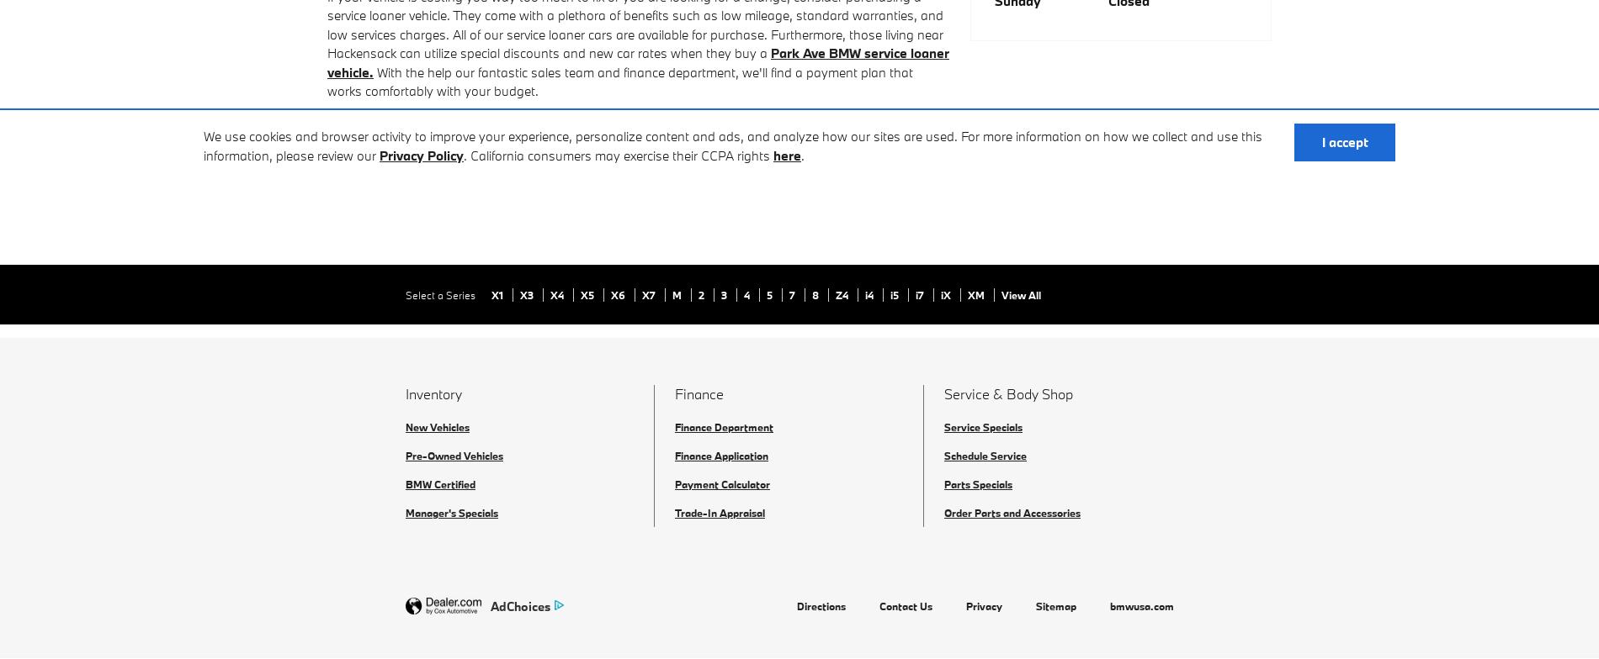 This screenshot has width=1599, height=659. I want to click on '8', so click(816, 294).